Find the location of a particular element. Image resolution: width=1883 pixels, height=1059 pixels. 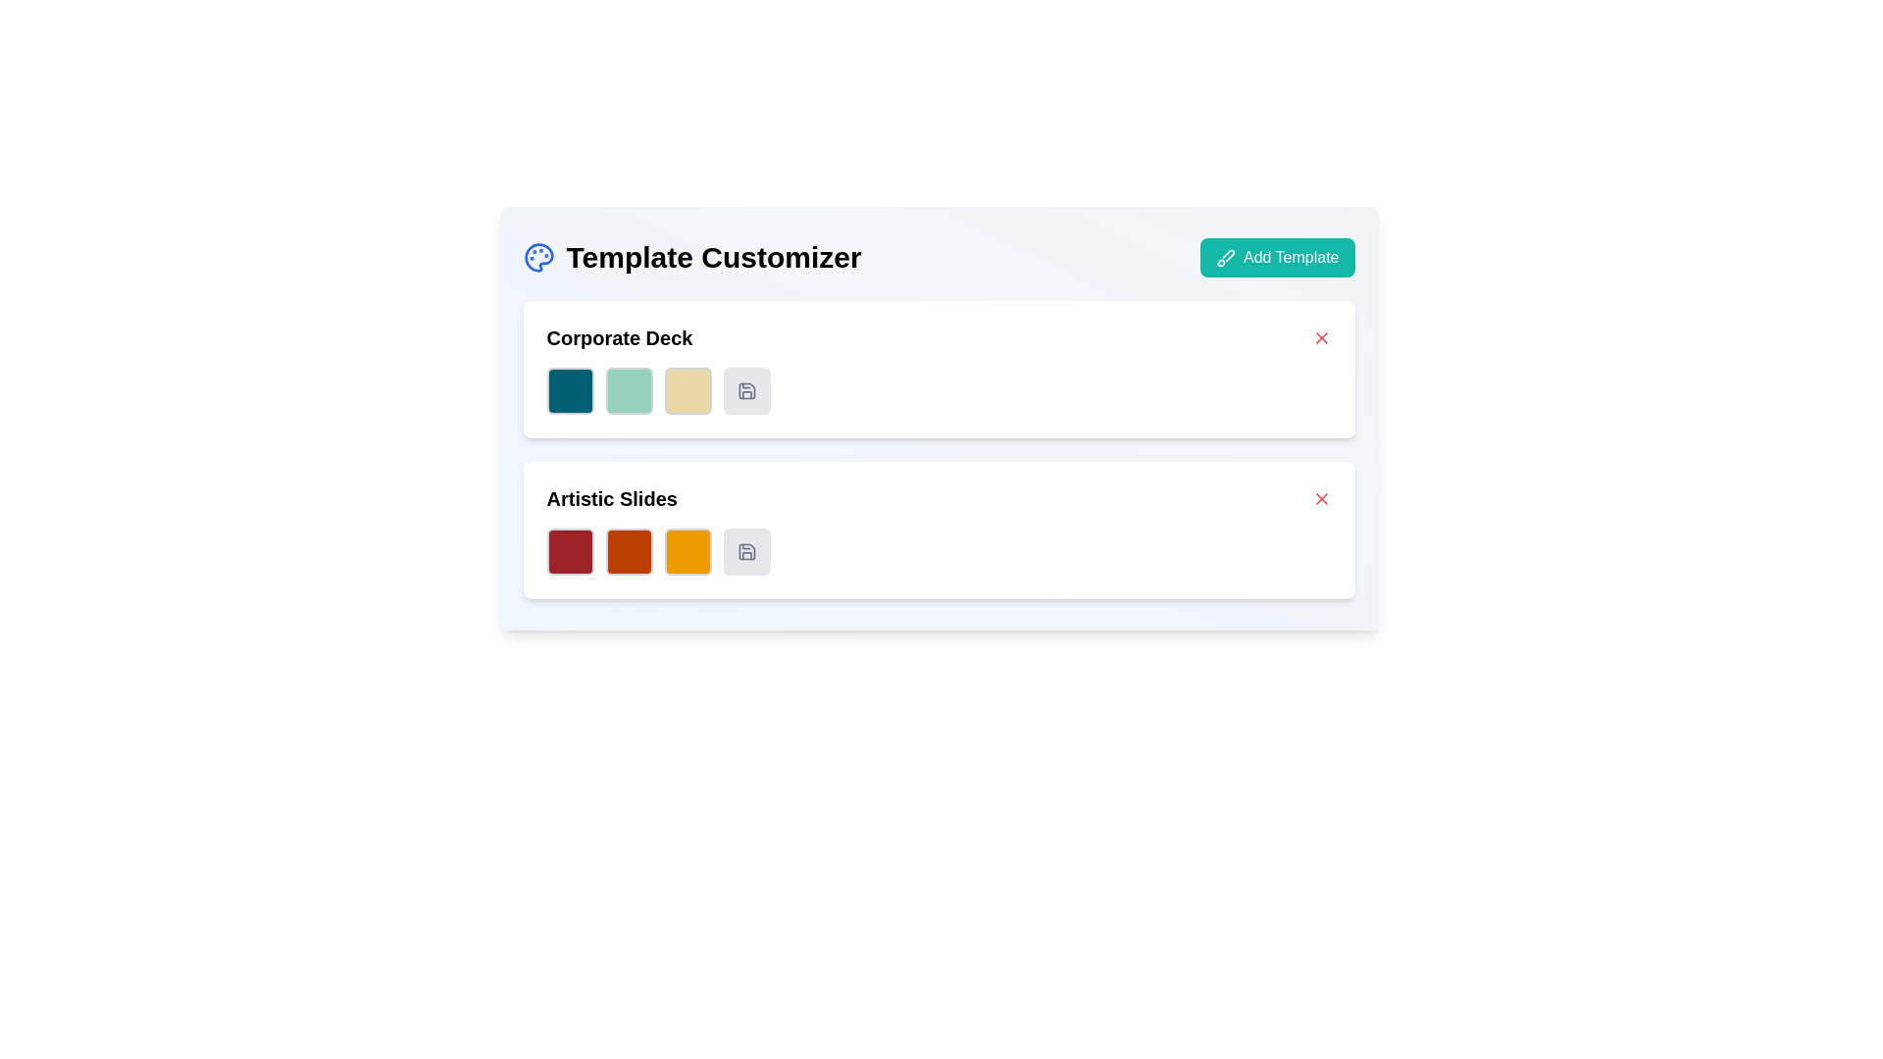

the white brush icon located within the 'Add Template' button in the top-right corner of the user interface is located at coordinates (1224, 256).